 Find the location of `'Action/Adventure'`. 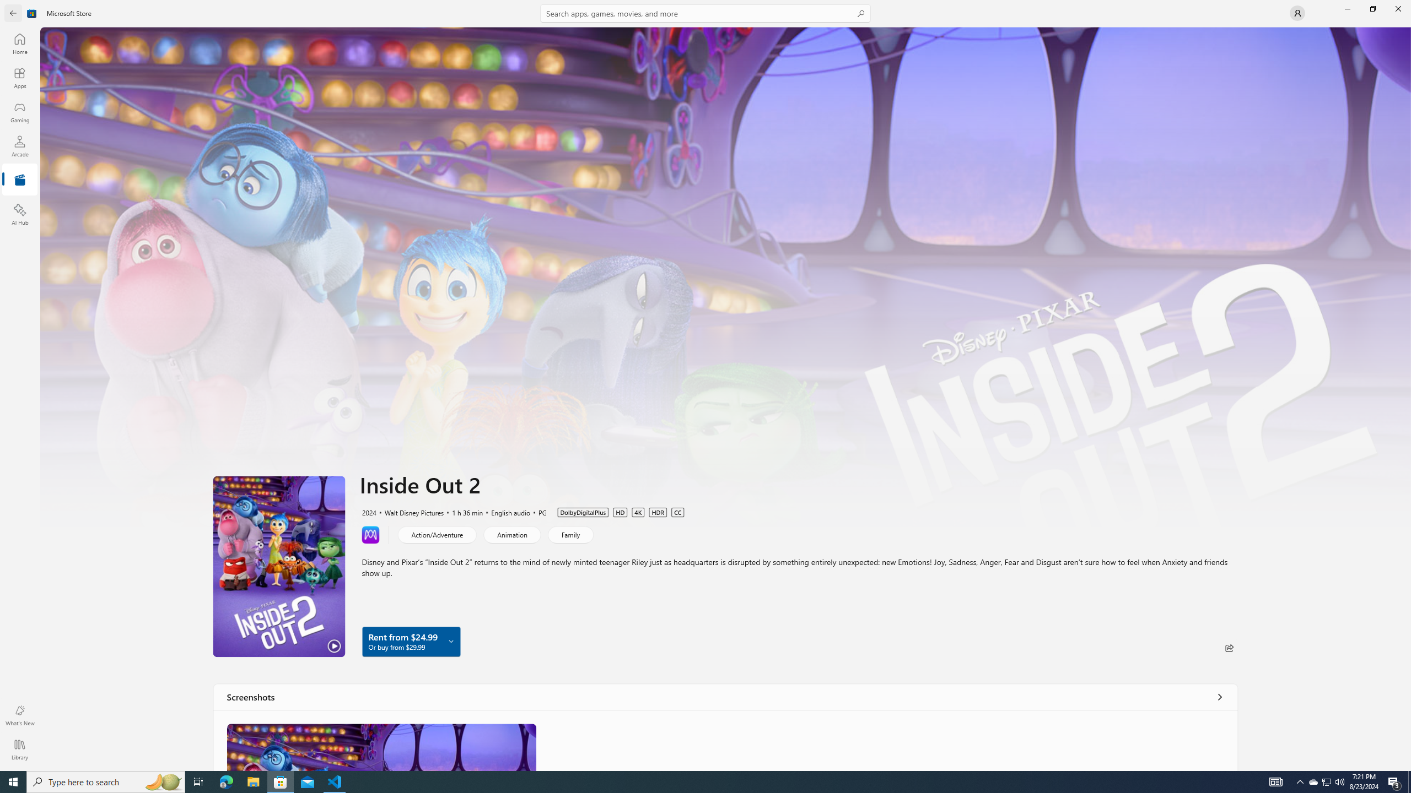

'Action/Adventure' is located at coordinates (437, 534).